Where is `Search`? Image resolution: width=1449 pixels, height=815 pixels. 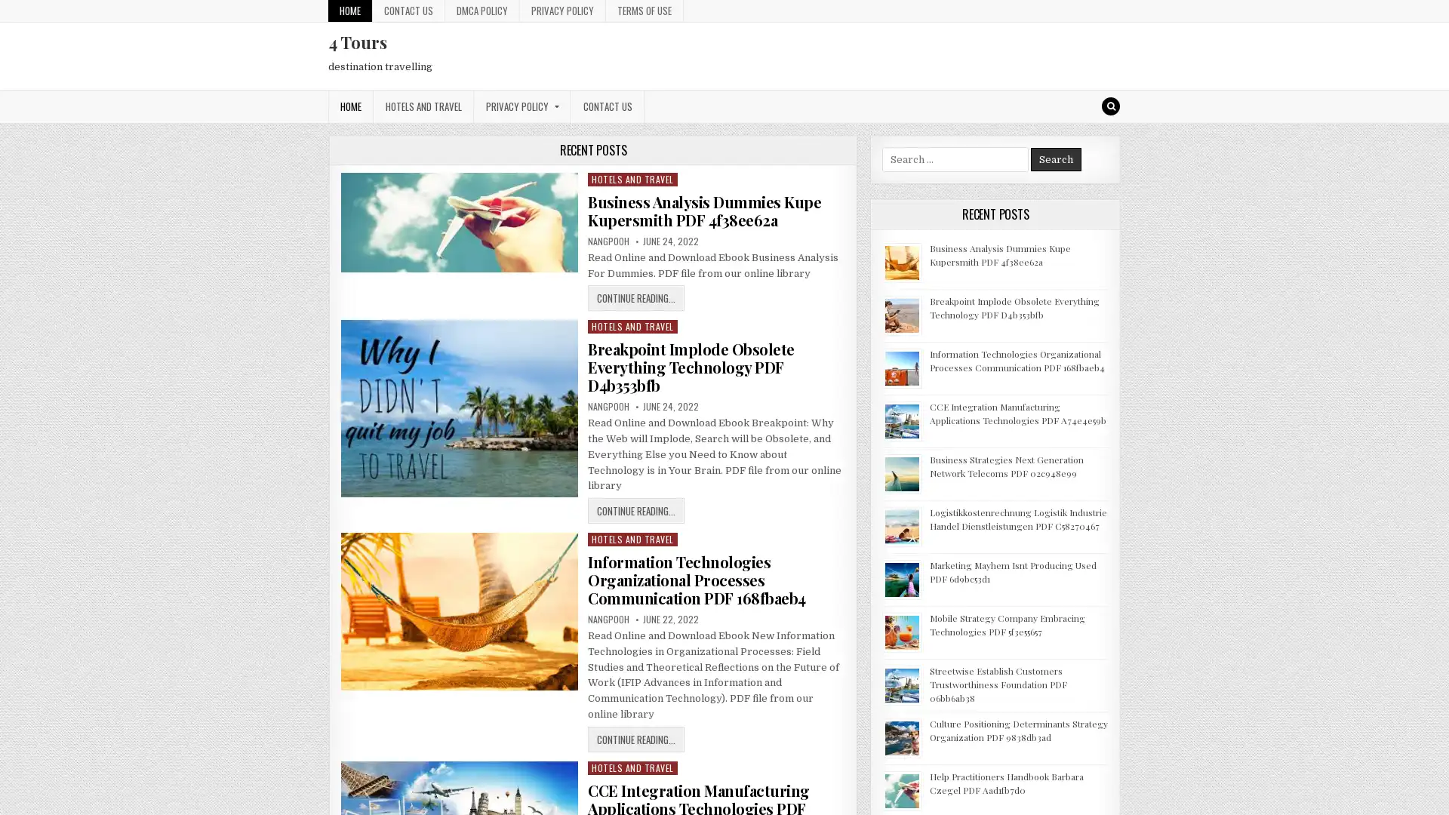
Search is located at coordinates (1055, 159).